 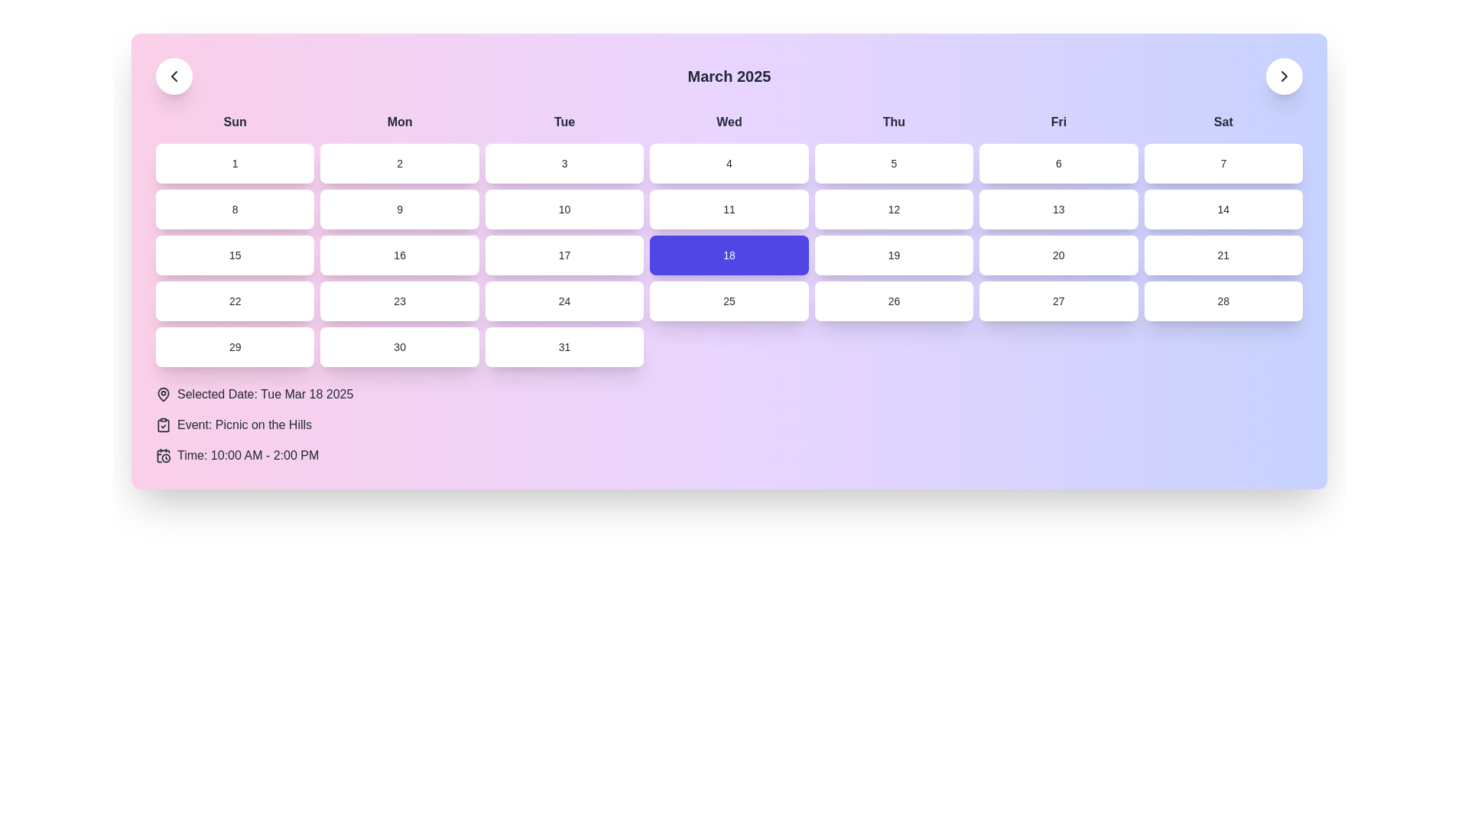 I want to click on the circular button with a left-chevron icon located near the top left corner of the interface, so click(x=174, y=76).